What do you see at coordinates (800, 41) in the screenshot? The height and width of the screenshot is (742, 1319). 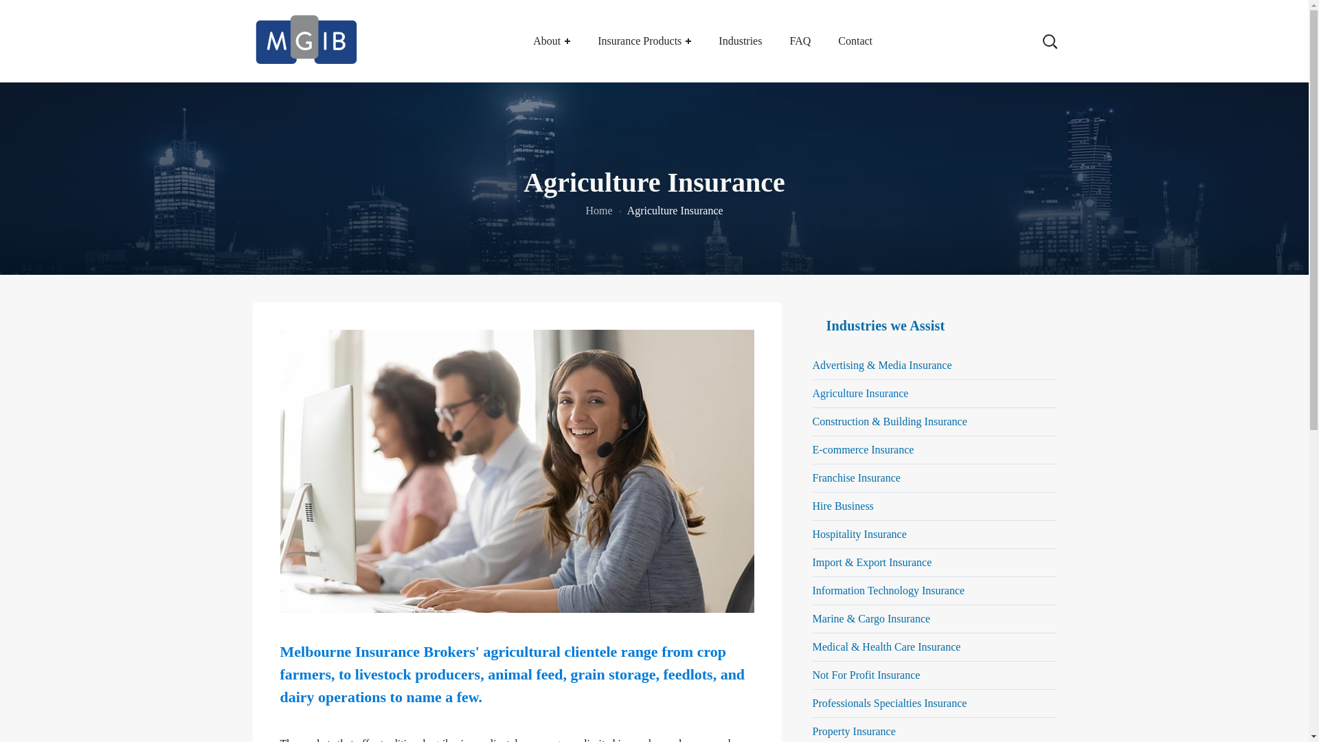 I see `'FAQ'` at bounding box center [800, 41].